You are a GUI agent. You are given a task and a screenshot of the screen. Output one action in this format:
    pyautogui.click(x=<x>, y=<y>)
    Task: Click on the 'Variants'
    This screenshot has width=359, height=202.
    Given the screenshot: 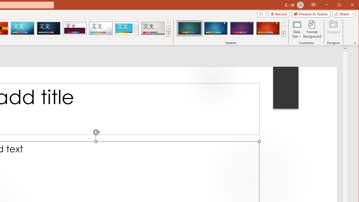 What is the action you would take?
    pyautogui.click(x=283, y=34)
    